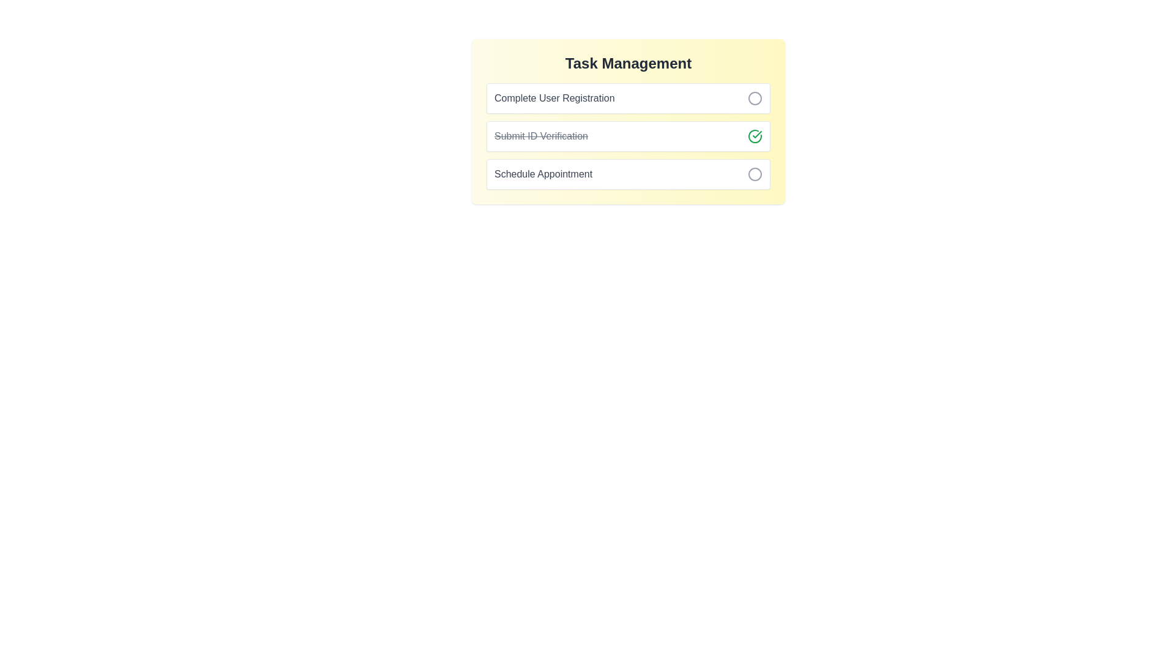 The image size is (1175, 661). Describe the element at coordinates (629, 136) in the screenshot. I see `the status of the completed task indicator for 'Submit ID Verification', which is displayed with a strikethrough and a green checkmark, located in the 'Task Management' section` at that location.